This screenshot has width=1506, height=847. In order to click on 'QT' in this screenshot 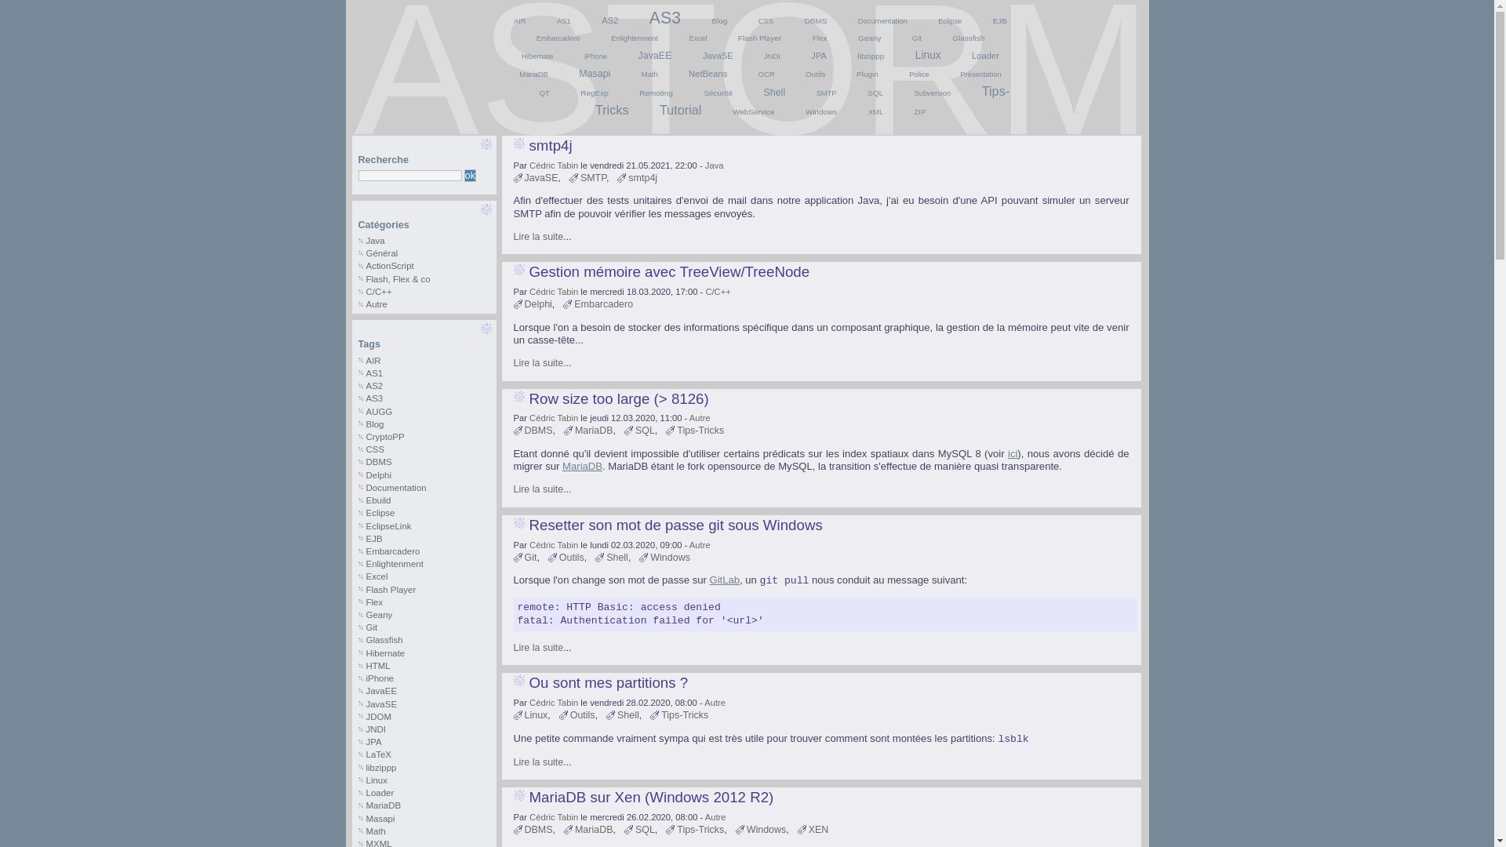, I will do `click(539, 93)`.